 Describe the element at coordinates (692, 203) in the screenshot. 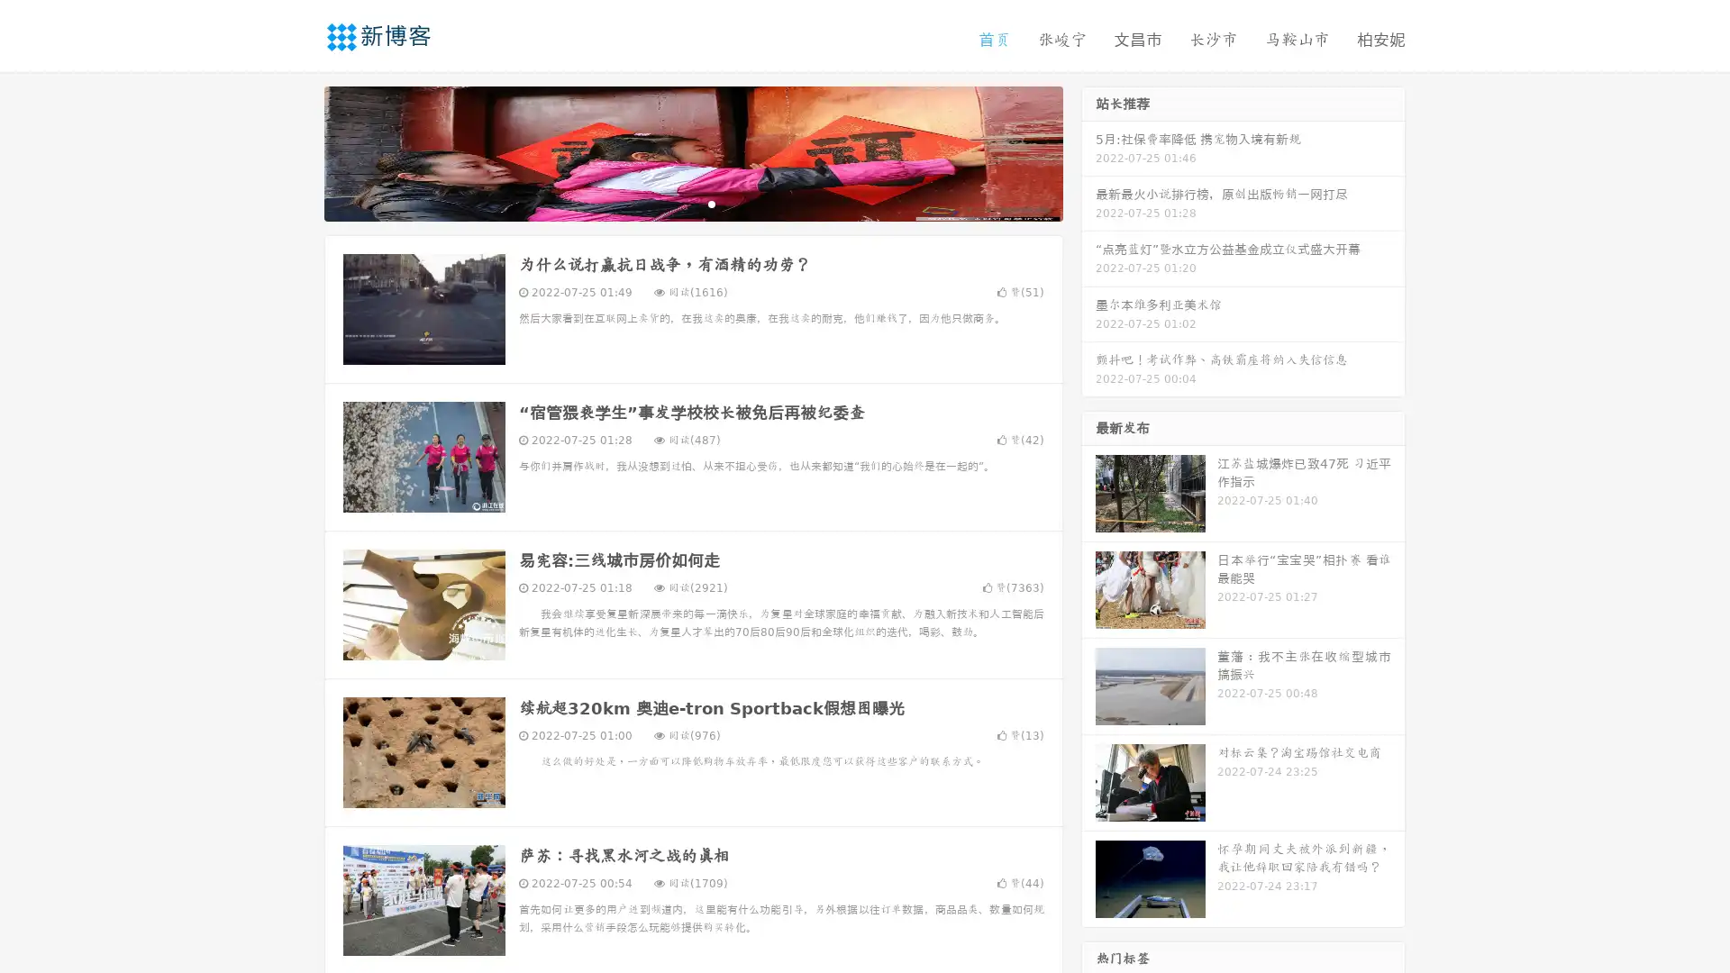

I see `Go to slide 2` at that location.